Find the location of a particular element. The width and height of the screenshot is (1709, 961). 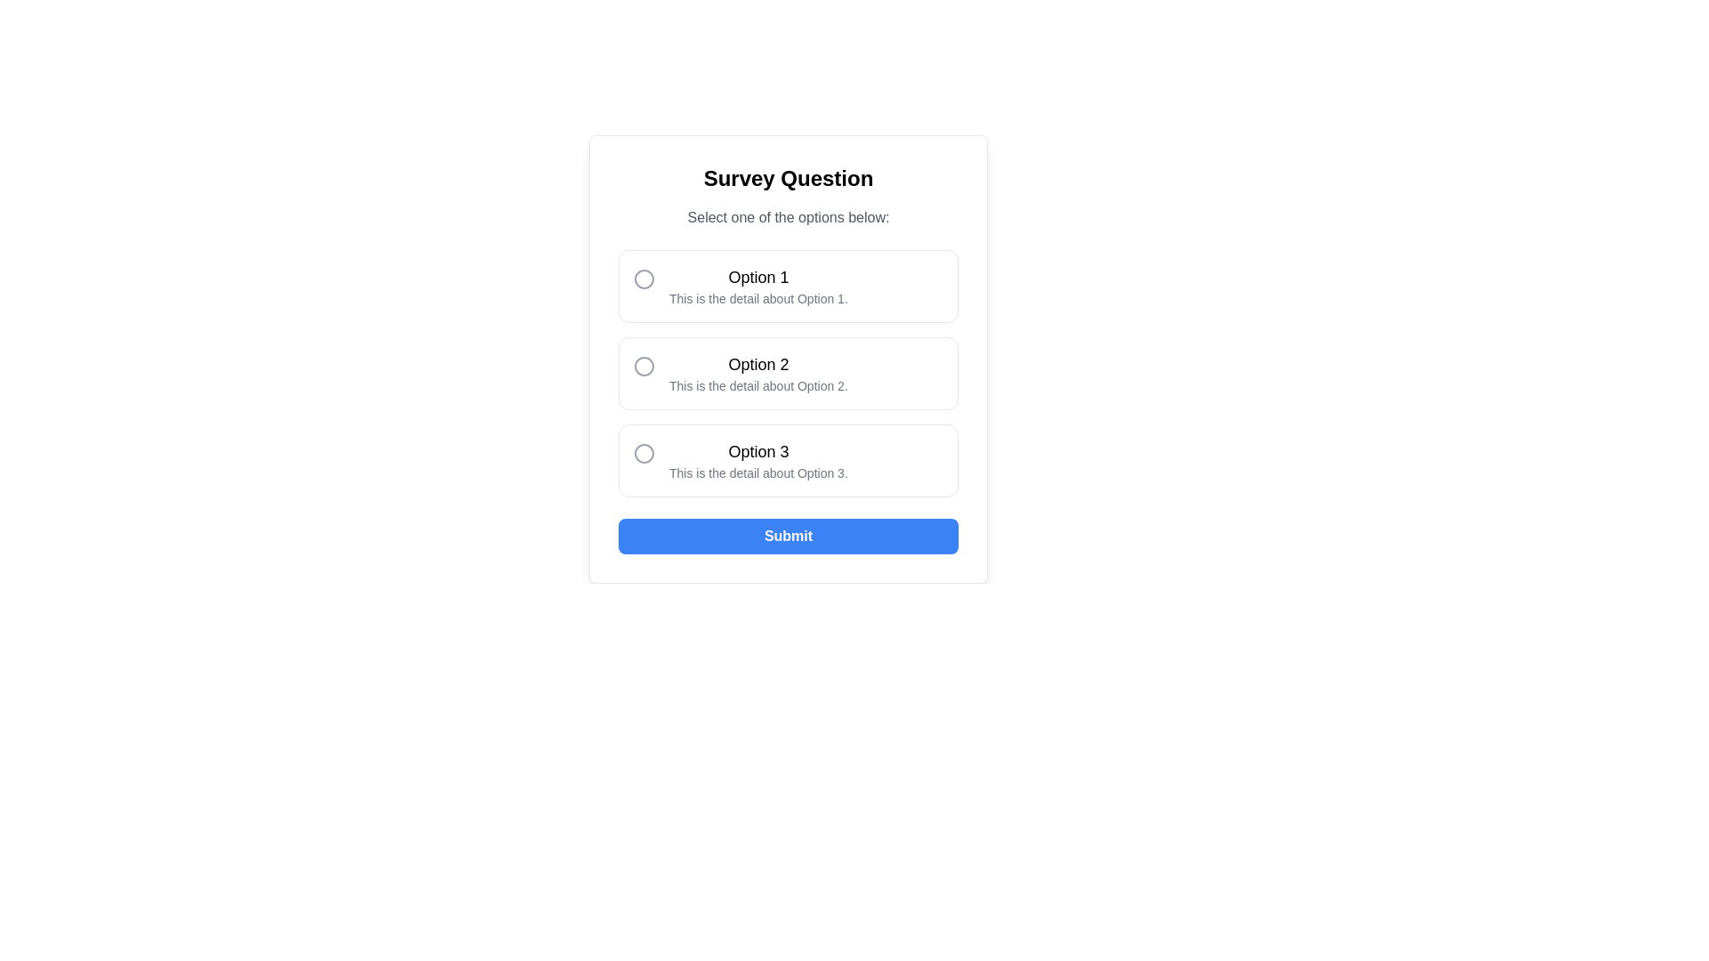

the 'Option 1' radio button is located at coordinates (788, 285).